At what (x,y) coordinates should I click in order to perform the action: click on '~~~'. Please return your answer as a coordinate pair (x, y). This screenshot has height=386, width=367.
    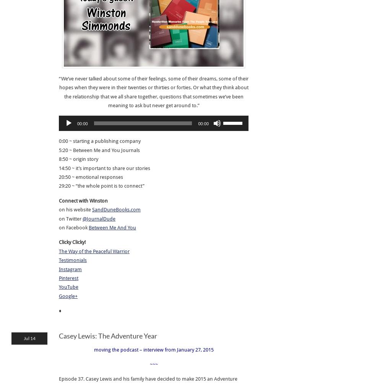
    Looking at the image, I should click on (153, 364).